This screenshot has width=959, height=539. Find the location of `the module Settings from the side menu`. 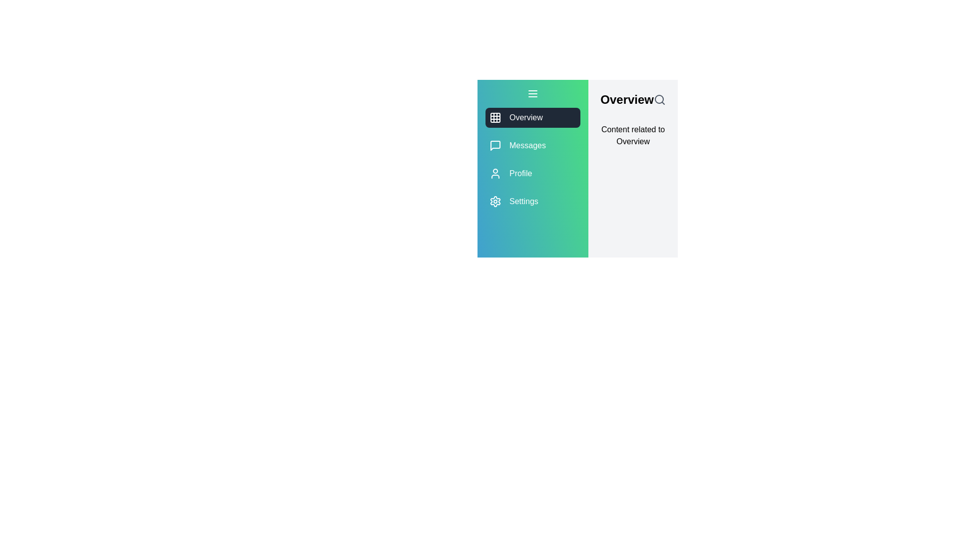

the module Settings from the side menu is located at coordinates (532, 202).